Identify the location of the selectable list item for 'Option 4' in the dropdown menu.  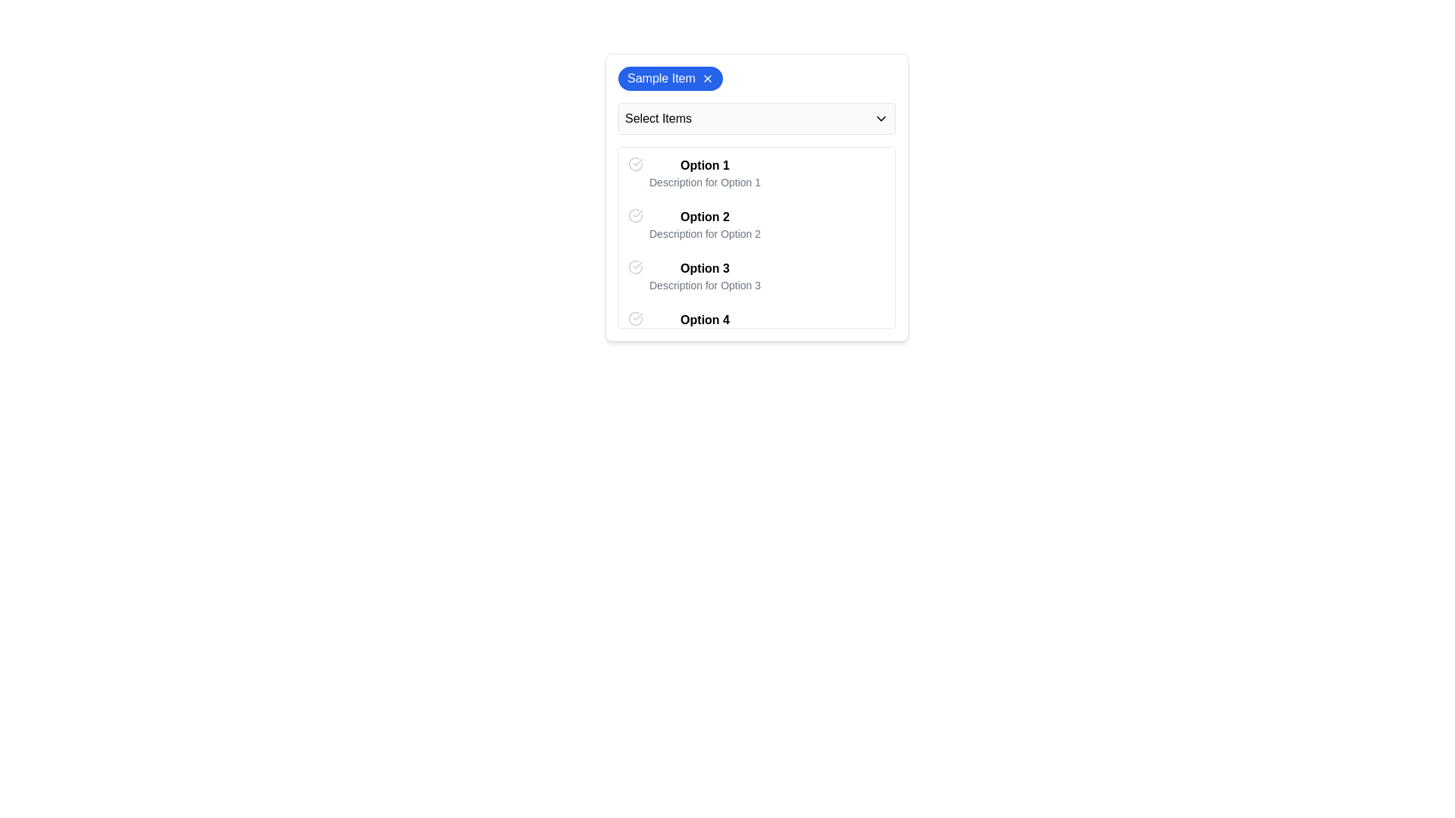
(704, 326).